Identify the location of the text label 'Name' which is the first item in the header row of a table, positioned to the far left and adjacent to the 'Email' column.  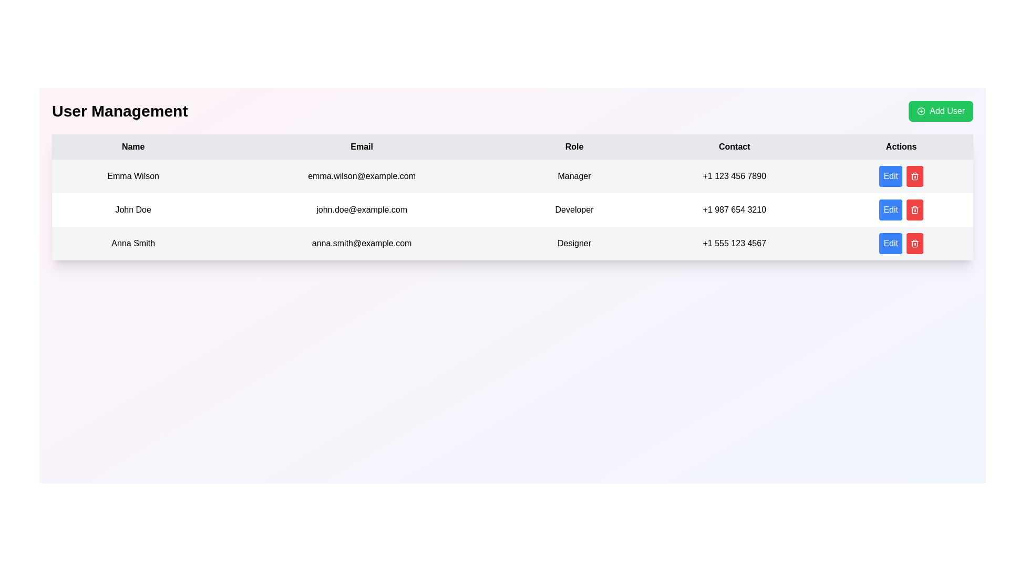
(132, 147).